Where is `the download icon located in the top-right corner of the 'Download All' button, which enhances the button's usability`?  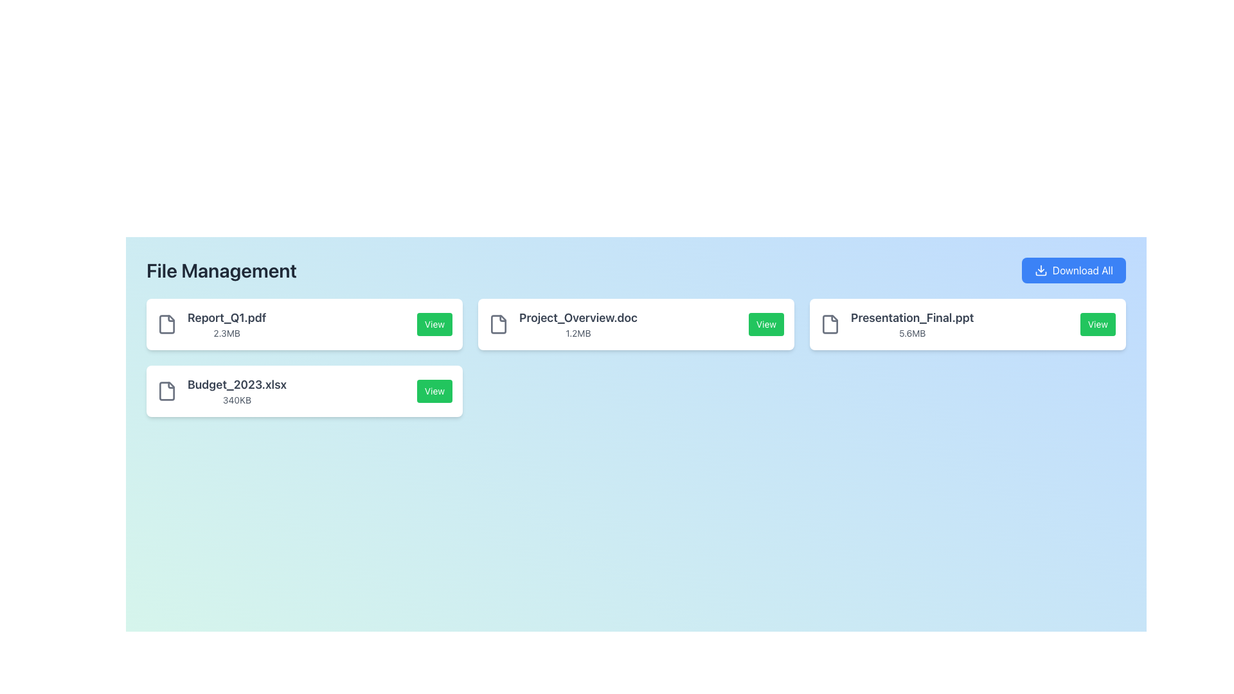
the download icon located in the top-right corner of the 'Download All' button, which enhances the button's usability is located at coordinates (1041, 269).